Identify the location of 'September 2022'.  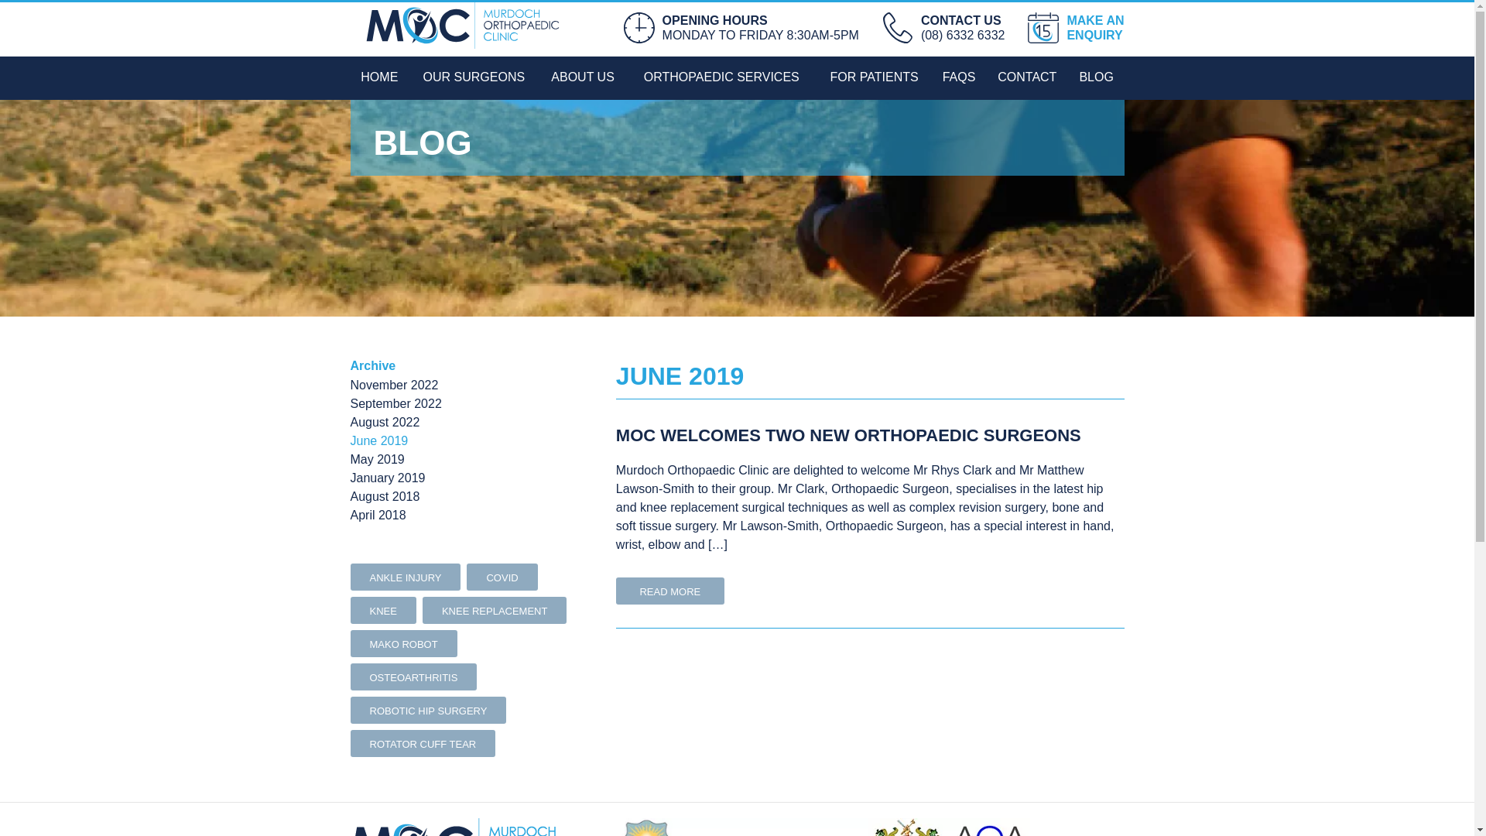
(348, 403).